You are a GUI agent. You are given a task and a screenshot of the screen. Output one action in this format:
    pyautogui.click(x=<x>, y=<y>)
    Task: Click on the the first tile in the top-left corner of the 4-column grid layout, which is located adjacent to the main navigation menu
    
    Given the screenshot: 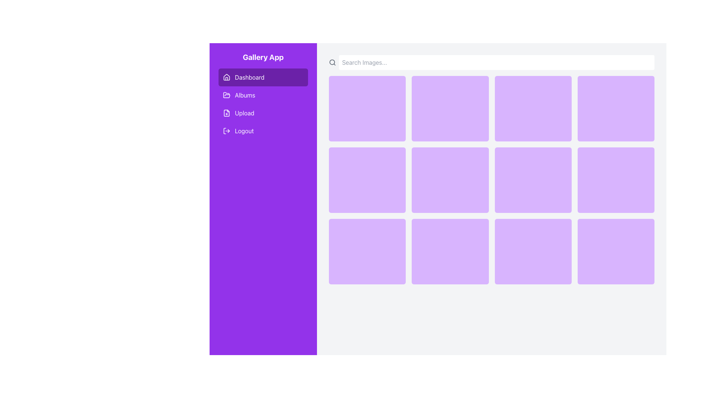 What is the action you would take?
    pyautogui.click(x=367, y=109)
    